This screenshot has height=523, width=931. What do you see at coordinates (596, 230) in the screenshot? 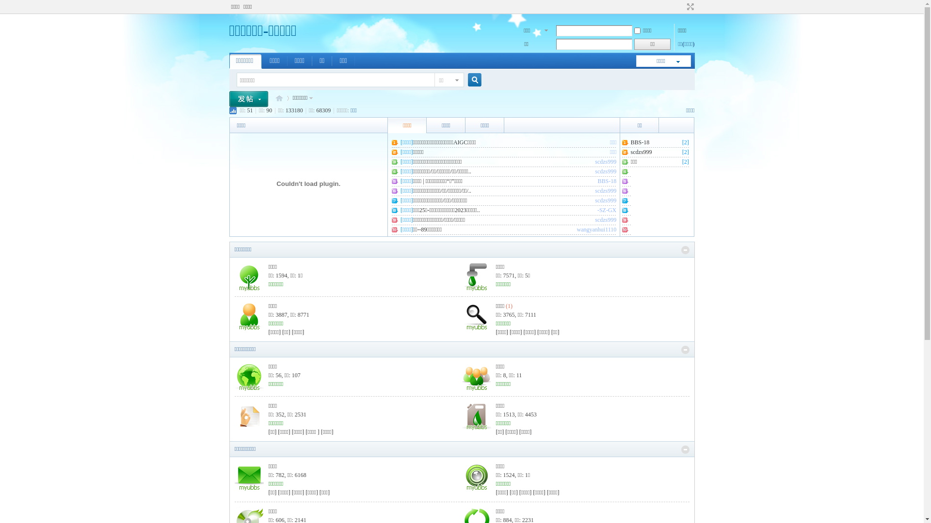
I see `'wangyanhui1110'` at bounding box center [596, 230].